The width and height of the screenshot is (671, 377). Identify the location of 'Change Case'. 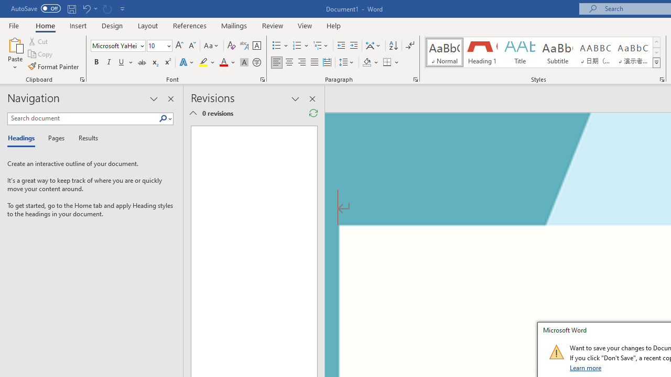
(211, 45).